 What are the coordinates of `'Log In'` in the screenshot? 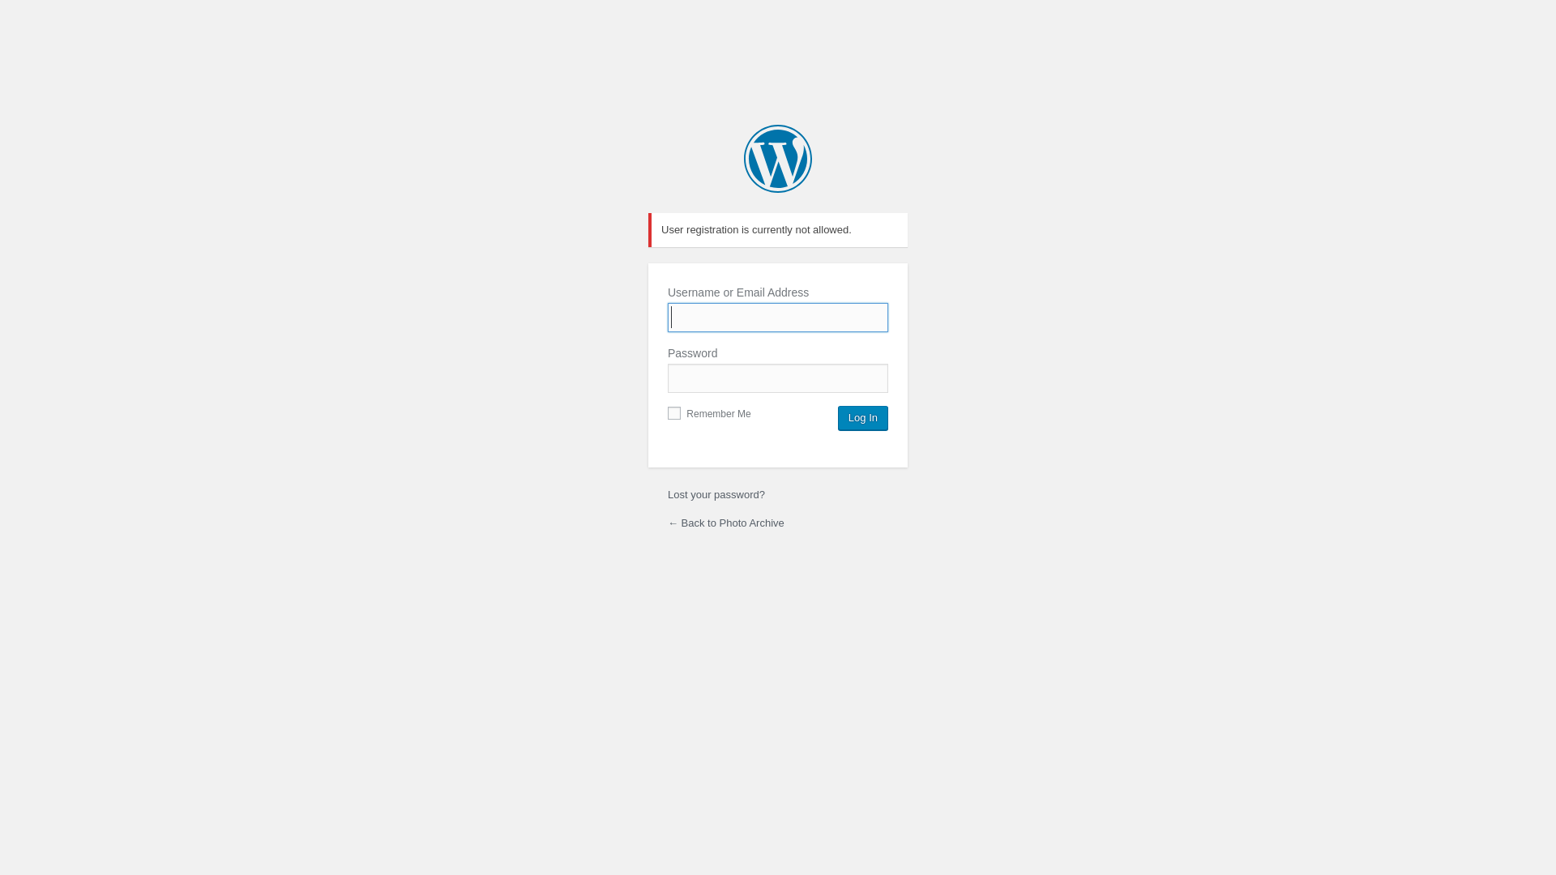 It's located at (862, 417).